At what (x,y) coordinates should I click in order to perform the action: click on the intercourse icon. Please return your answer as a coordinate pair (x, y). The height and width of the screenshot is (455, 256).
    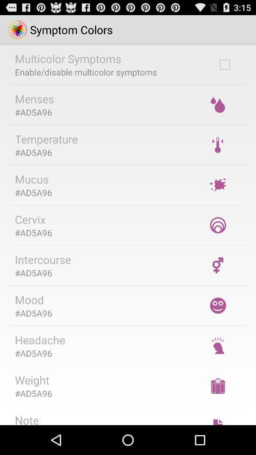
    Looking at the image, I should click on (42, 259).